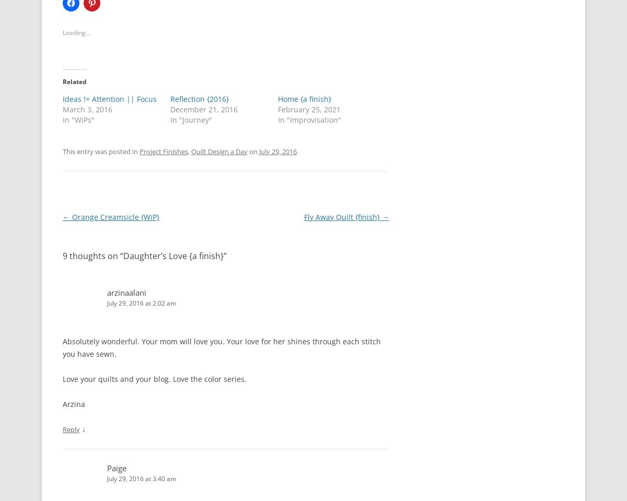  I want to click on 'July 29, 2016 at 2:02 am', so click(141, 302).